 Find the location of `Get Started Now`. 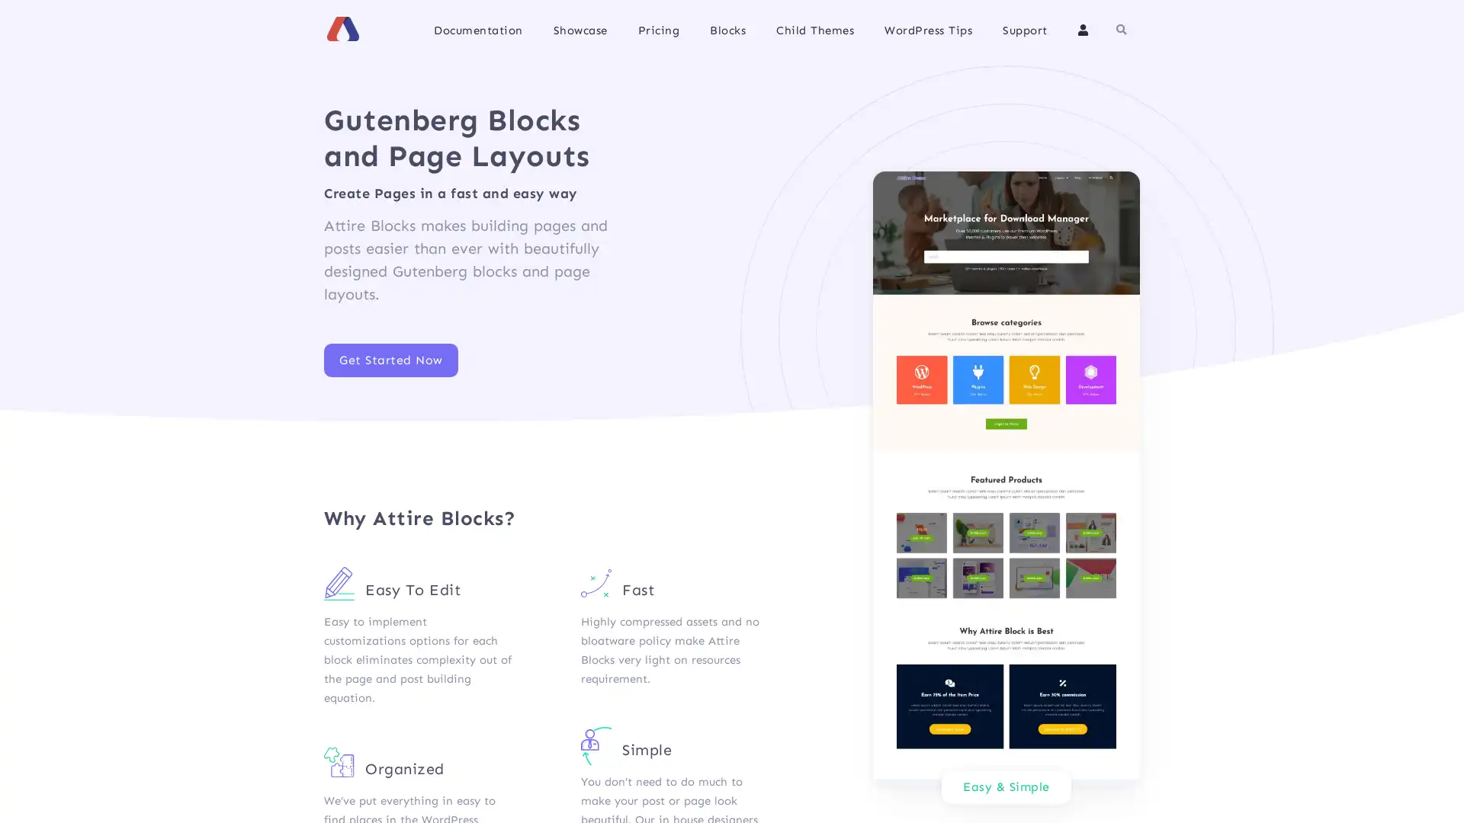

Get Started Now is located at coordinates (390, 360).